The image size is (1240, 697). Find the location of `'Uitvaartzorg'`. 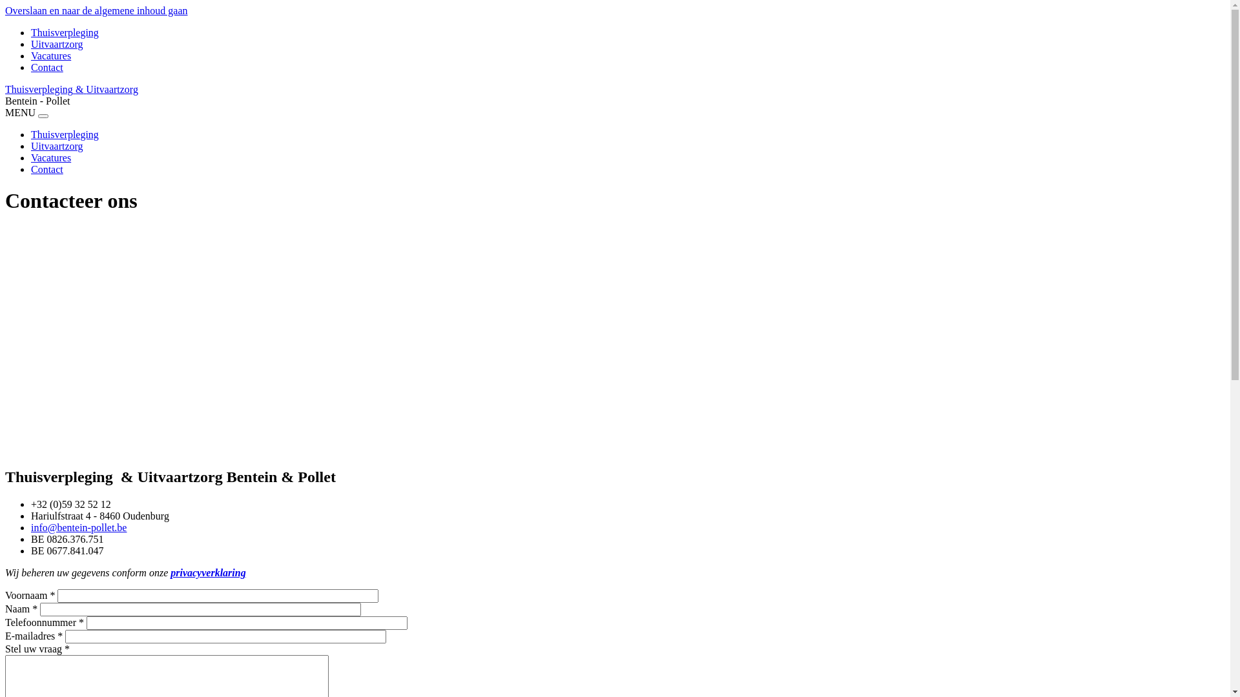

'Uitvaartzorg' is located at coordinates (56, 145).